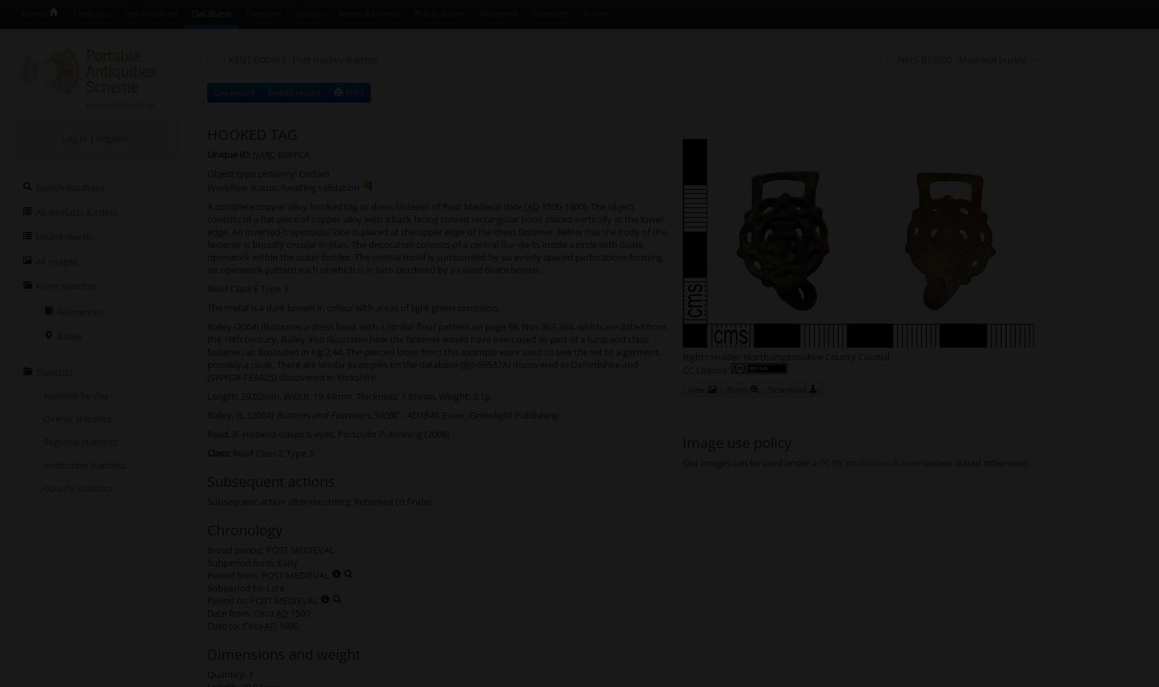  I want to click on 'Embed record', so click(268, 92).